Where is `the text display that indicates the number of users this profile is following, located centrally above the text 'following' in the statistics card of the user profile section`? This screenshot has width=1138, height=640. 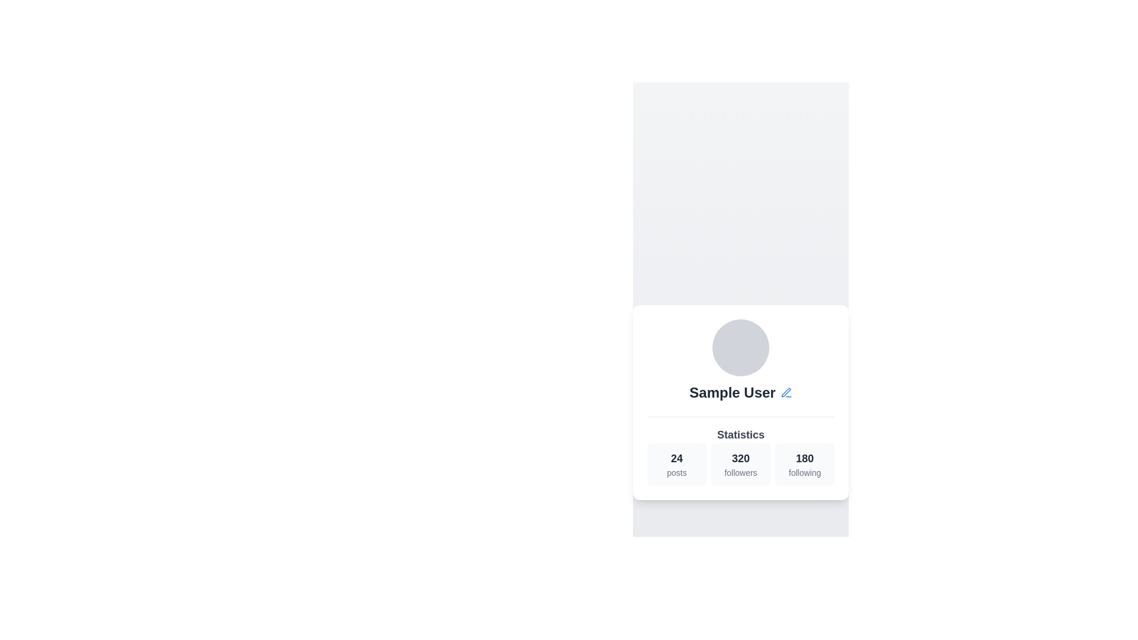 the text display that indicates the number of users this profile is following, located centrally above the text 'following' in the statistics card of the user profile section is located at coordinates (805, 457).